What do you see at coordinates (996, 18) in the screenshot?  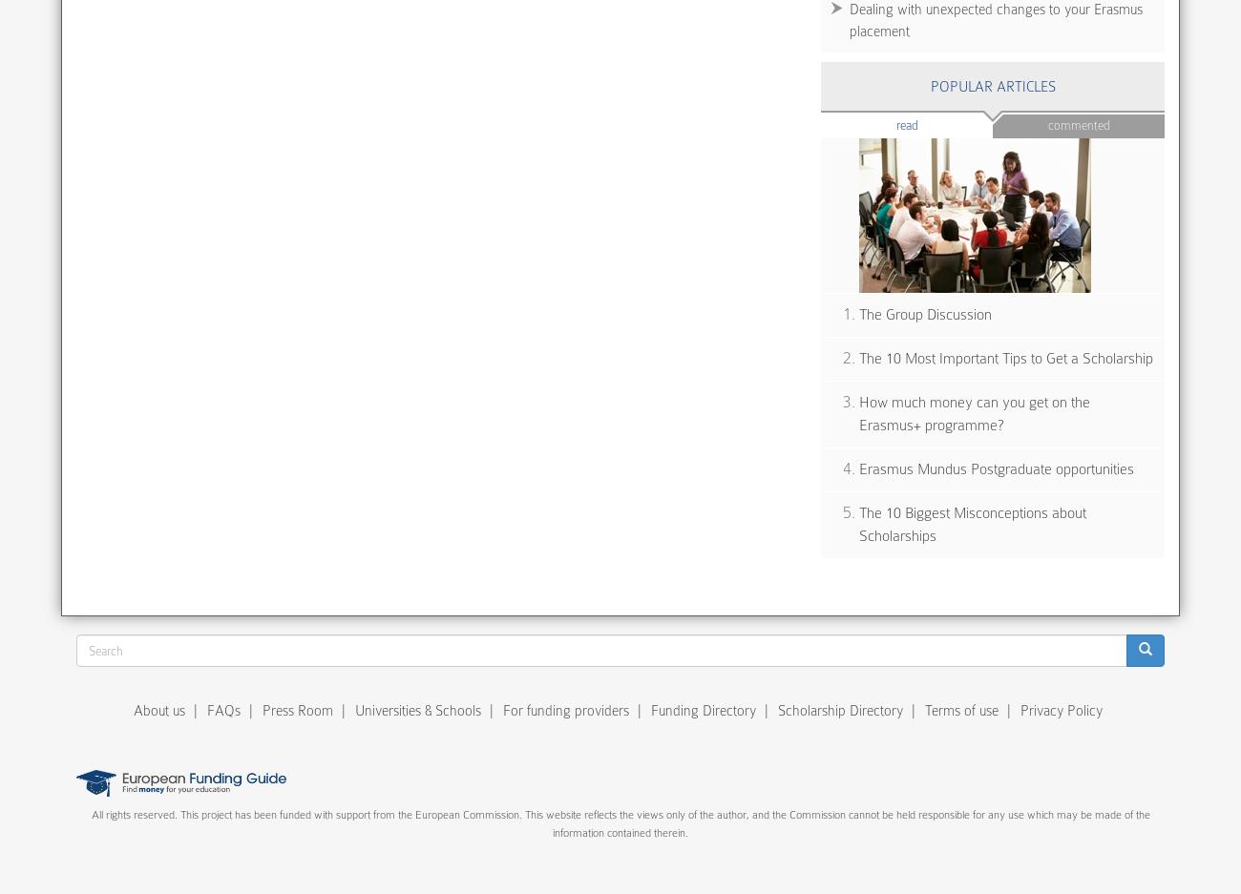 I see `'Dealing with unexpected changes to your Erasmus placement'` at bounding box center [996, 18].